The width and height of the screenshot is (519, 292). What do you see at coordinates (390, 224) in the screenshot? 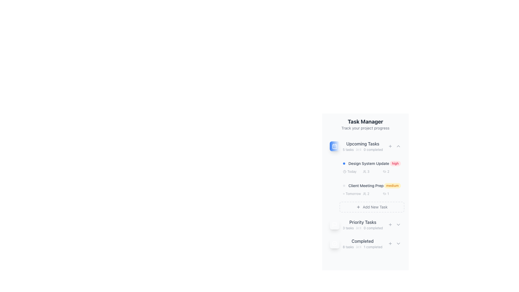
I see `the circular '+' button located in the 'Priority Tasks' section of the task manager interface` at bounding box center [390, 224].